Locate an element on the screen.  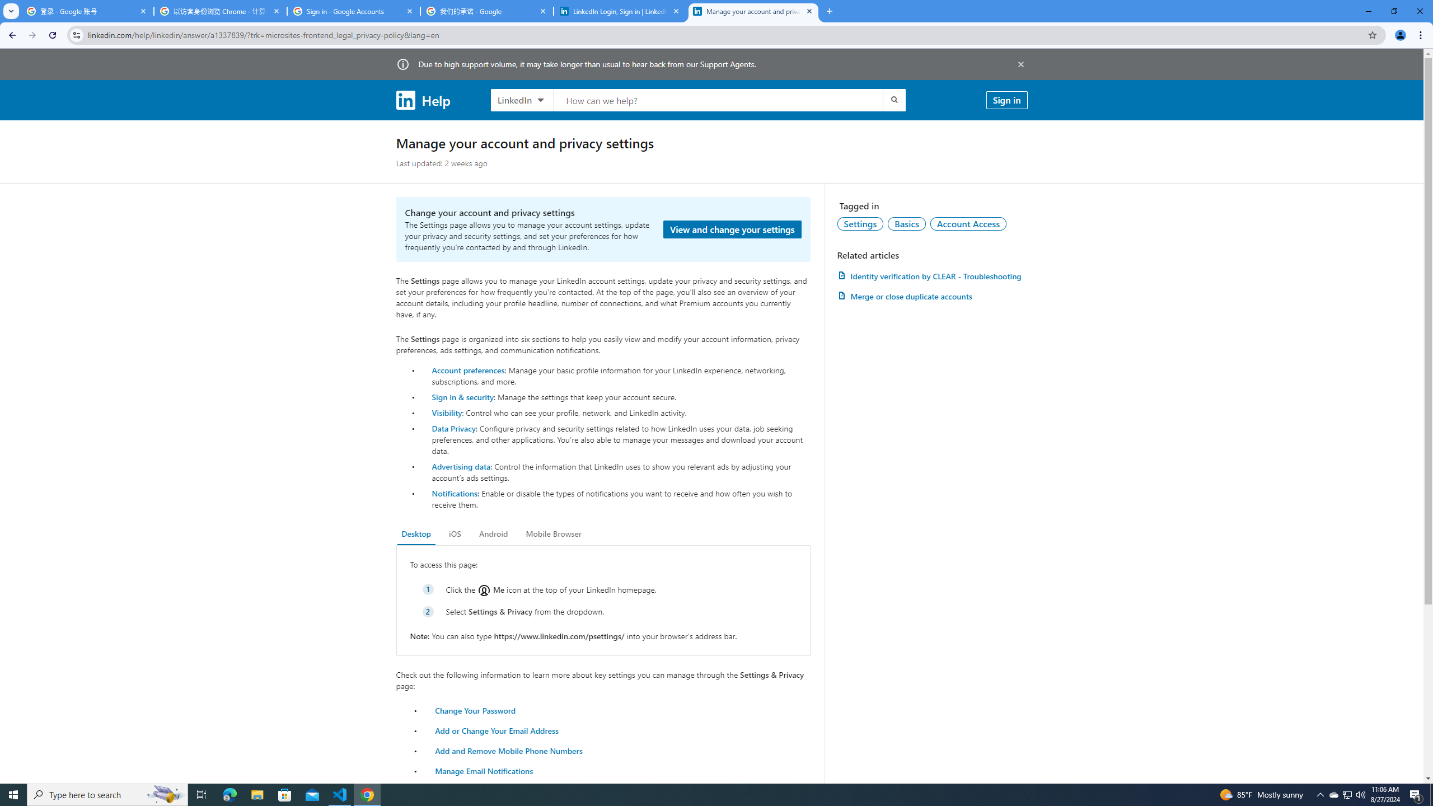
'Add or Change Your Email Address' is located at coordinates (497, 729).